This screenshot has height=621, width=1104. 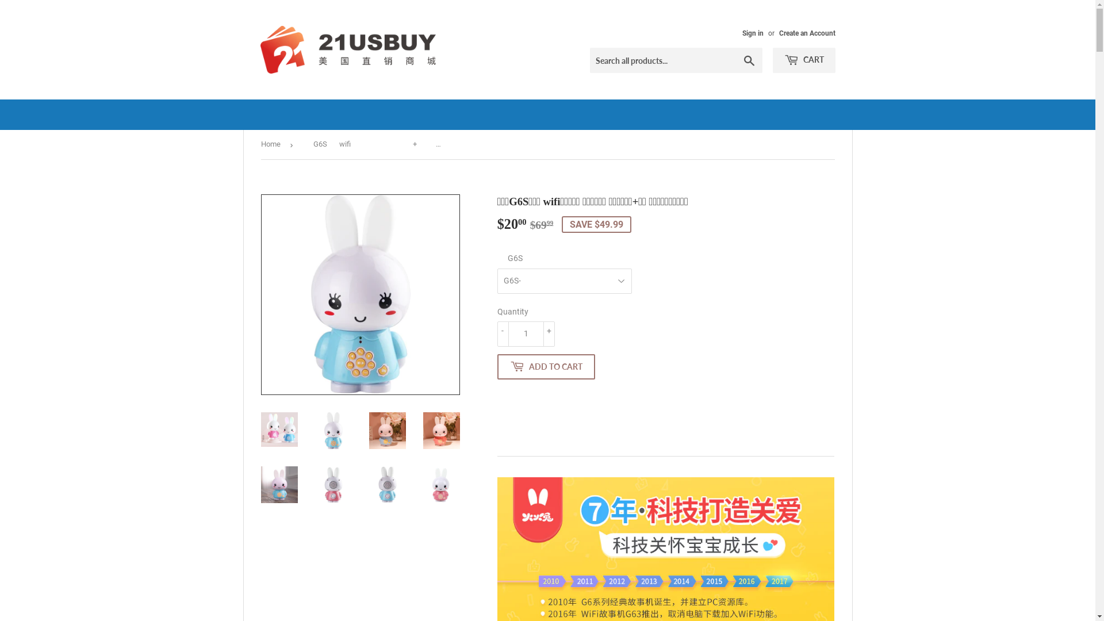 What do you see at coordinates (803, 60) in the screenshot?
I see `'CART'` at bounding box center [803, 60].